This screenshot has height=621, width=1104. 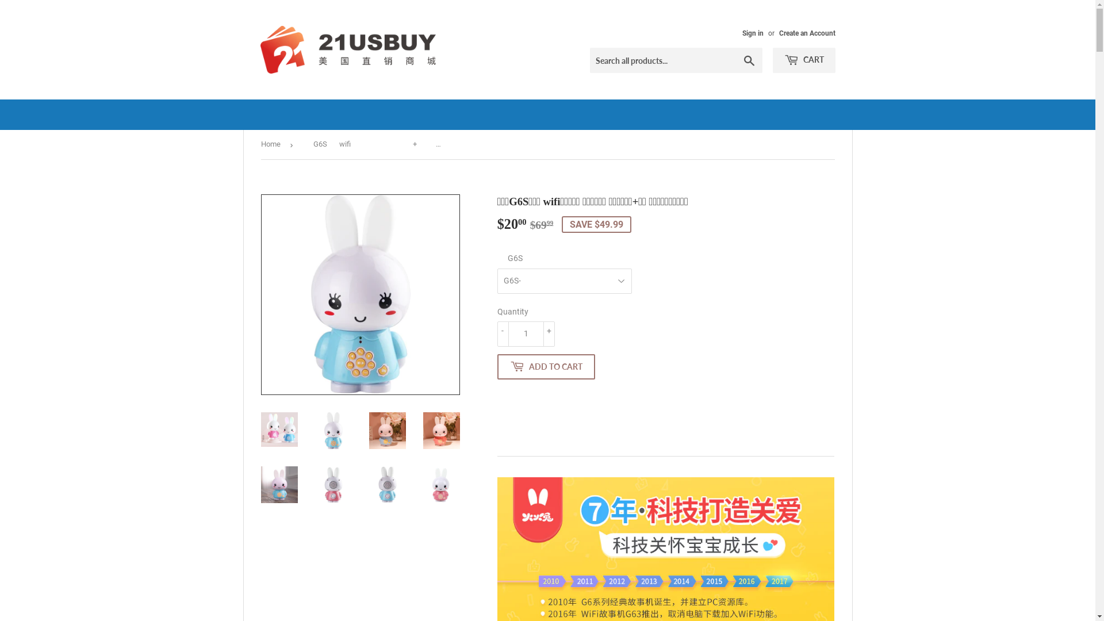 What do you see at coordinates (803, 60) in the screenshot?
I see `'CART'` at bounding box center [803, 60].